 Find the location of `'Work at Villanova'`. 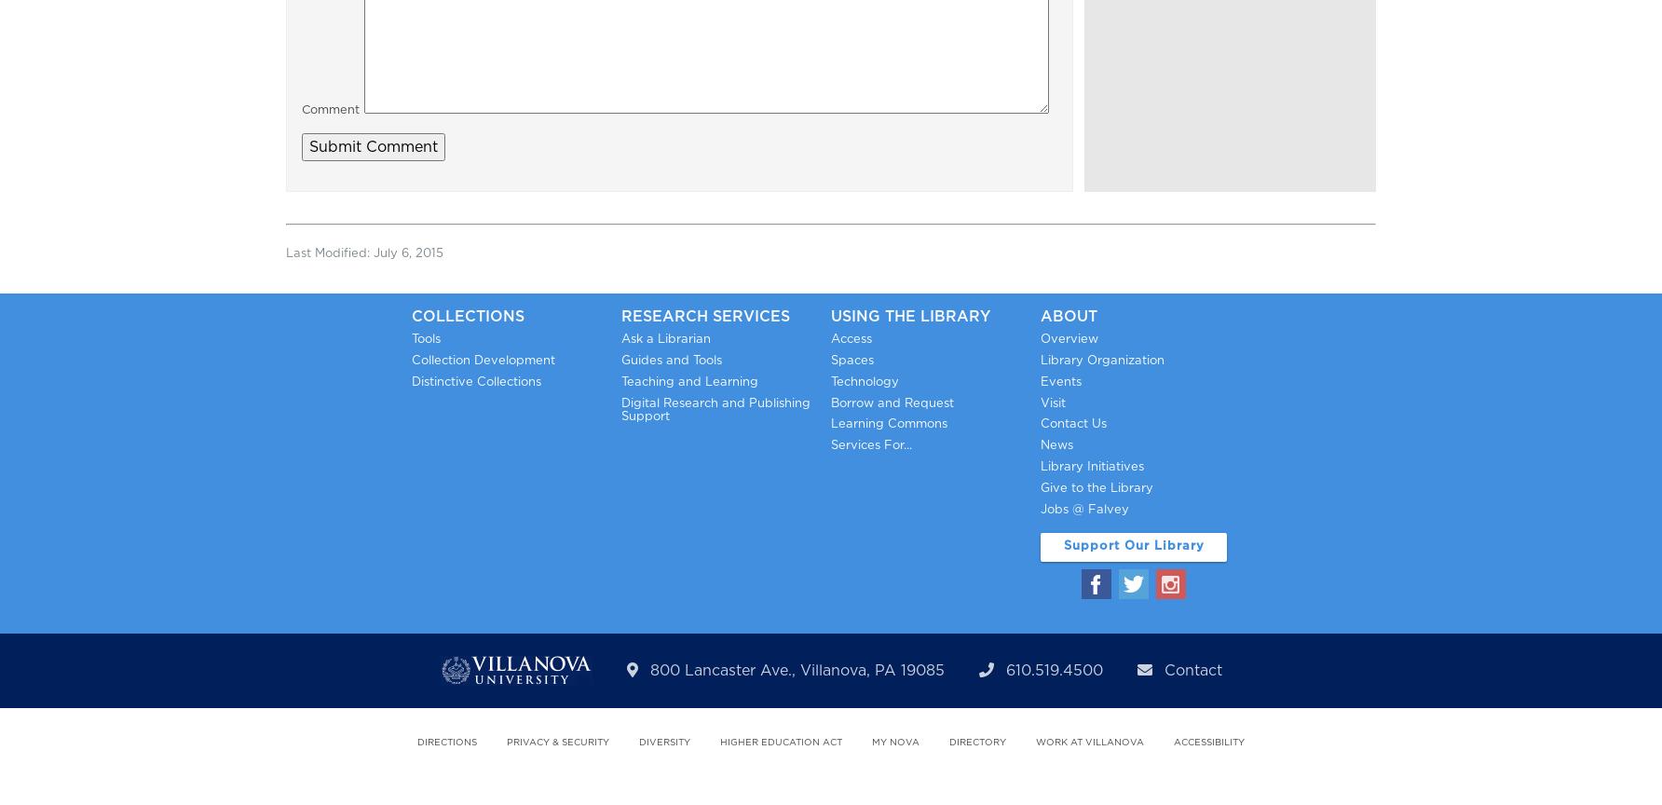

'Work at Villanova' is located at coordinates (1034, 742).